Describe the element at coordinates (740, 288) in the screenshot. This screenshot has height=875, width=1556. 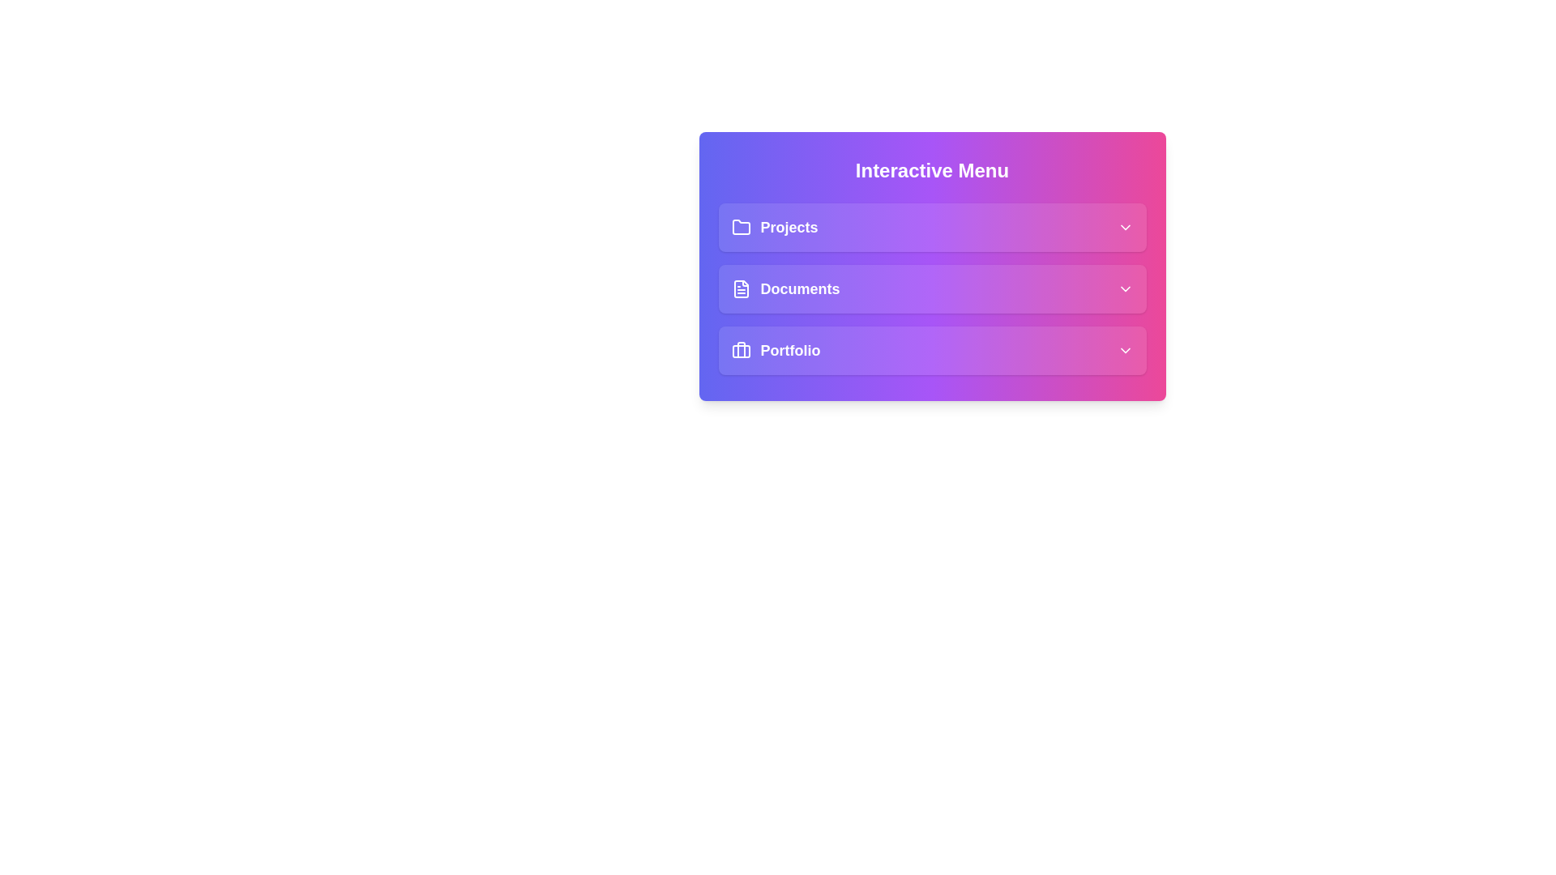
I see `the document icon representing the 'Documents' menu item in the interface` at that location.